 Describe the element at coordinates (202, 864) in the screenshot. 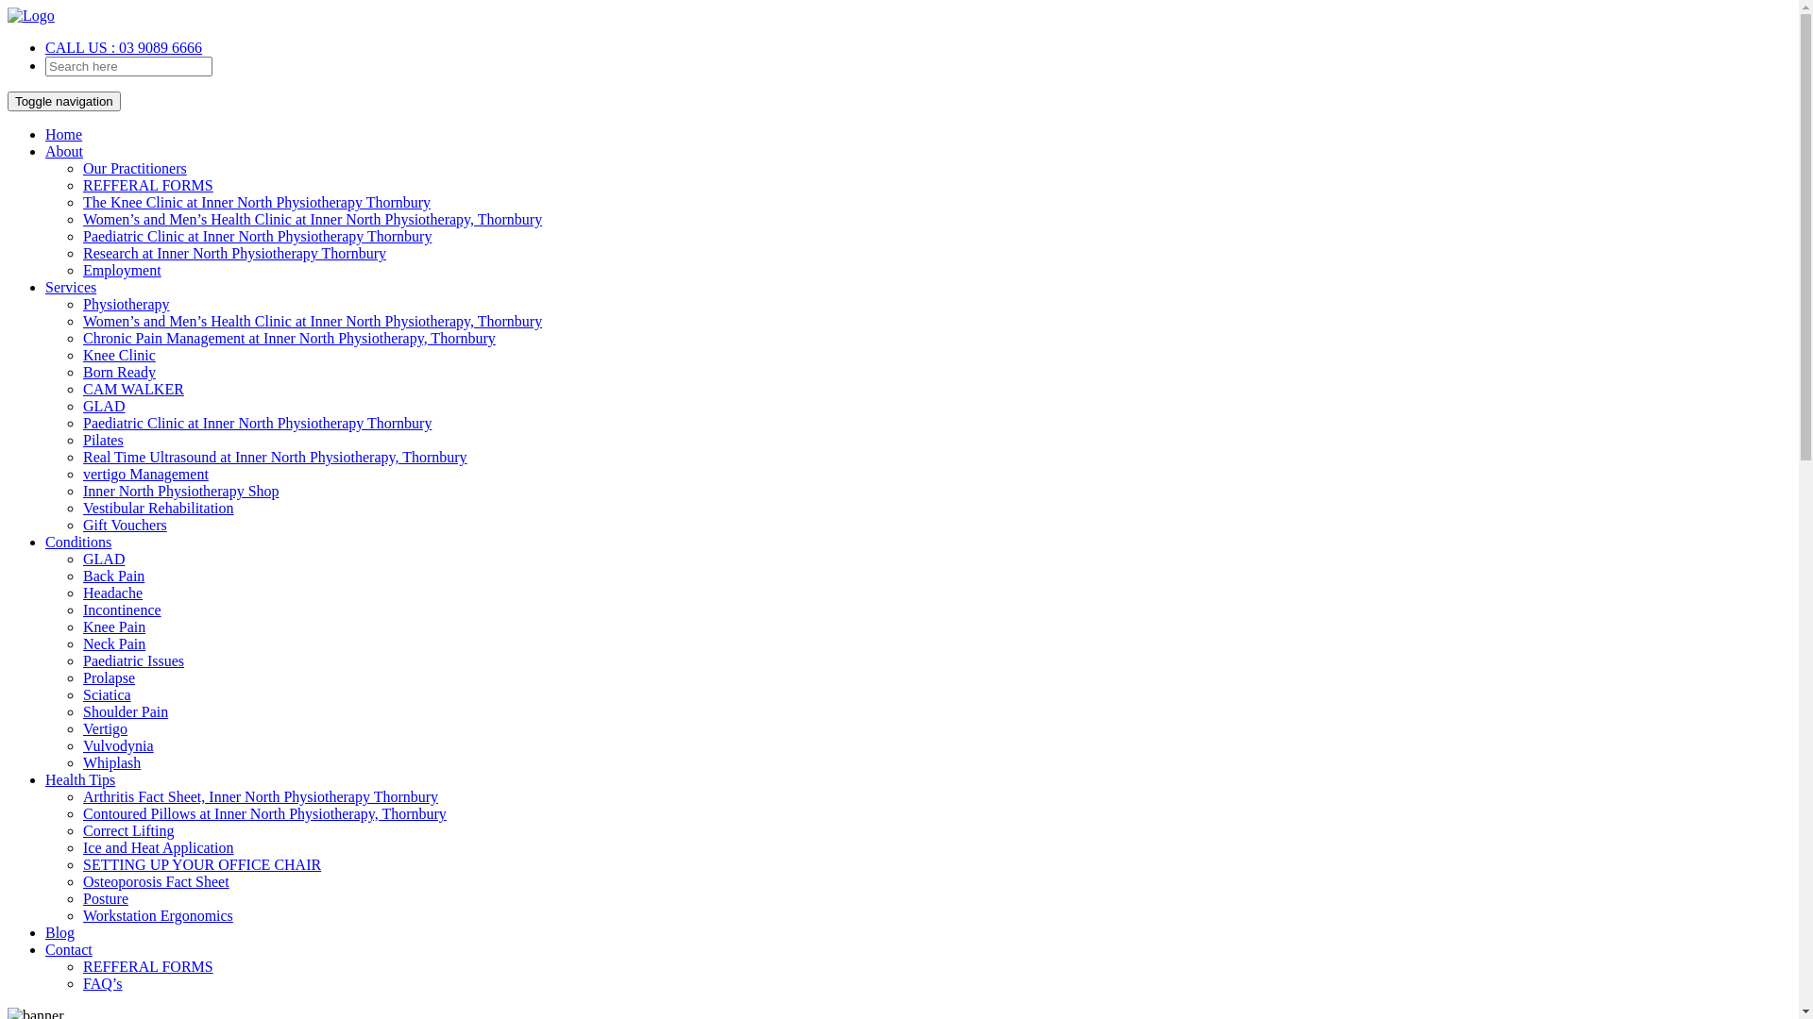

I see `'SETTING UP YOUR OFFICE CHAIR'` at that location.